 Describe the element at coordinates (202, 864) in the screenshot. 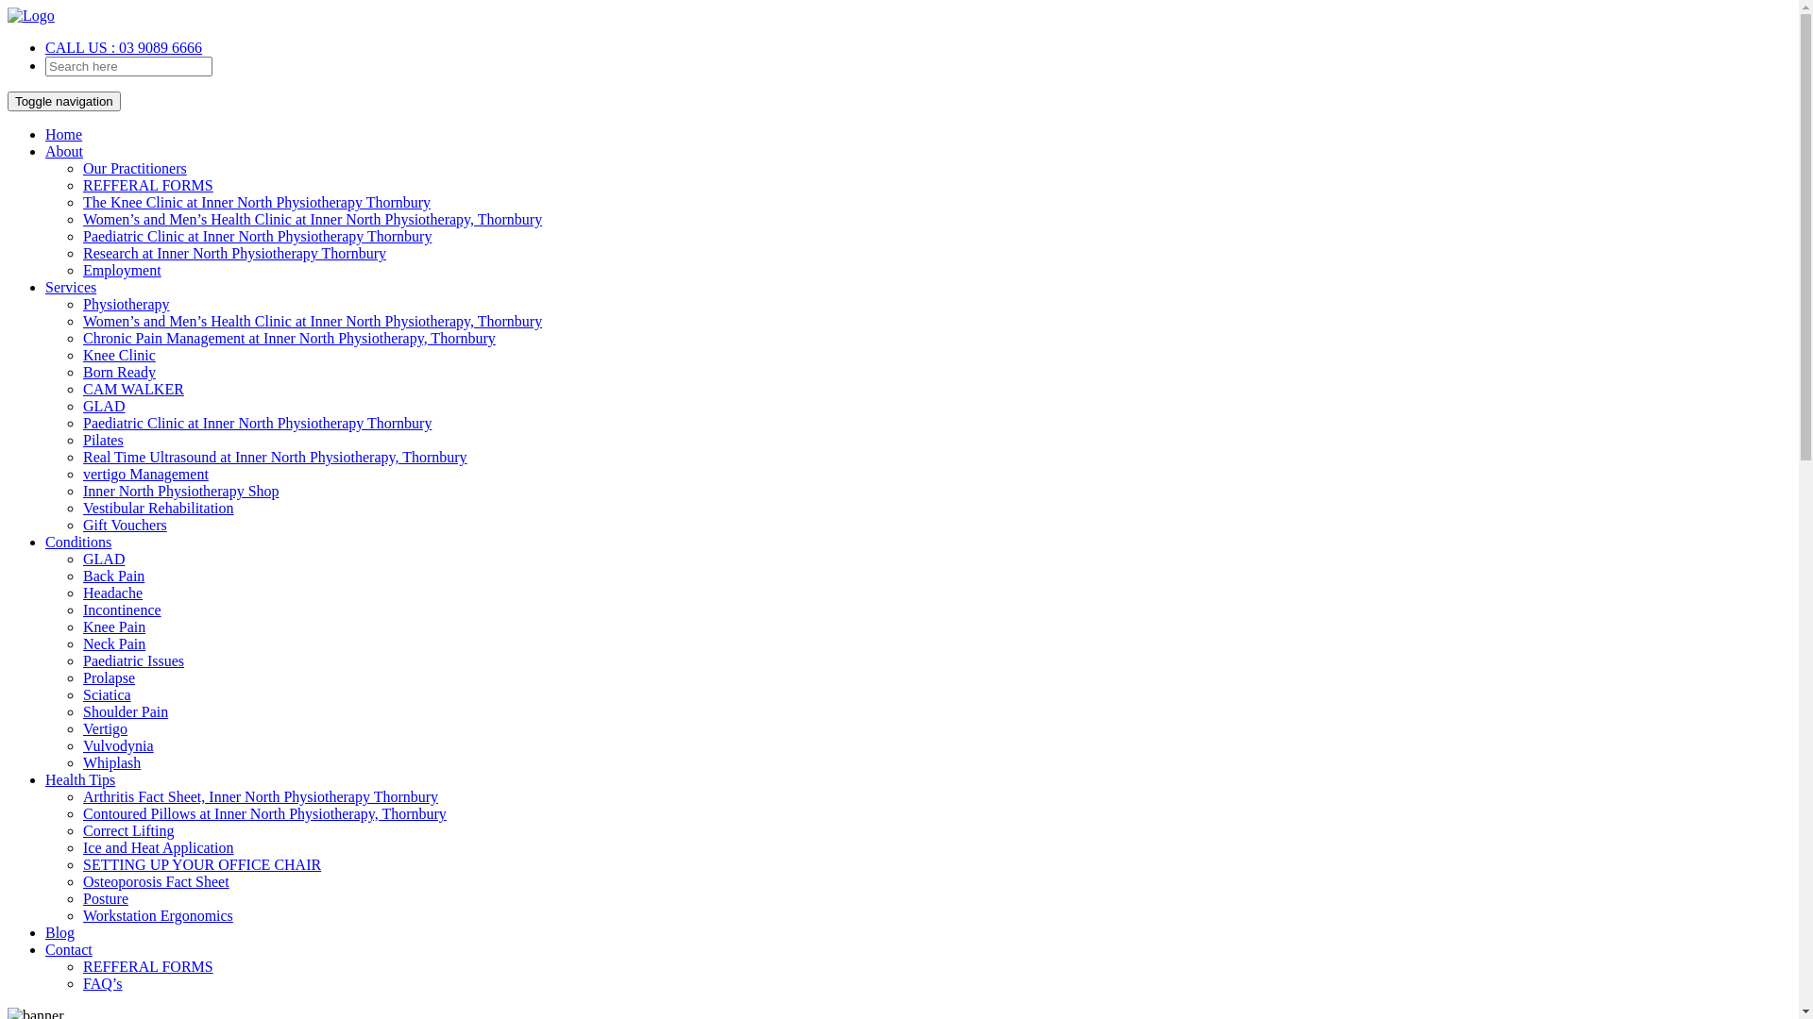

I see `'SETTING UP YOUR OFFICE CHAIR'` at that location.